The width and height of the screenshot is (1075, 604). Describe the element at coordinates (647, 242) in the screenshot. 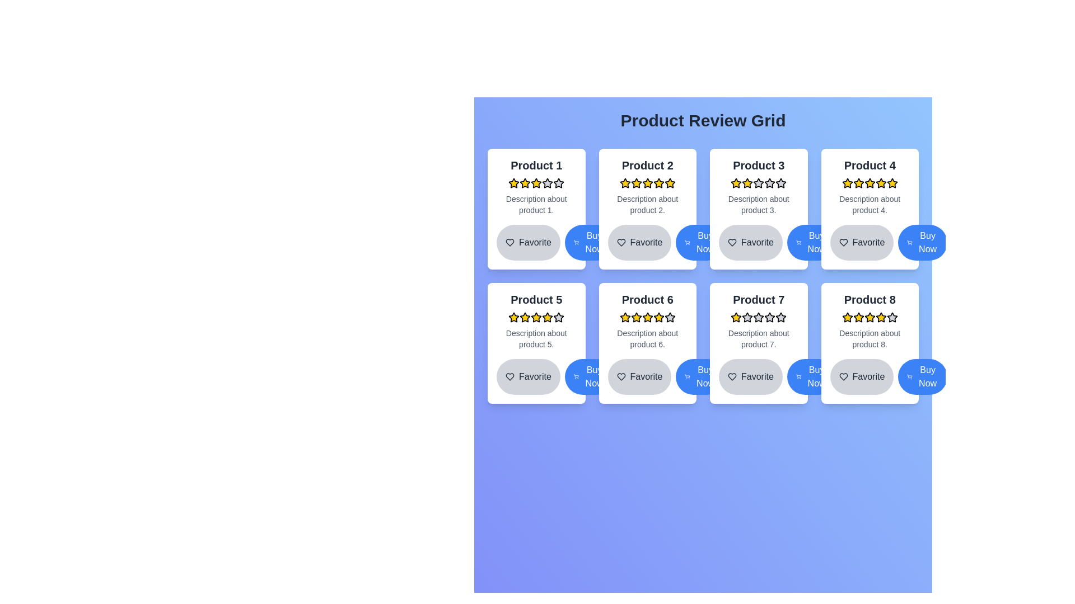

I see `the favorite button located below 'Product 2' and to the left of the 'Buy Now' button` at that location.